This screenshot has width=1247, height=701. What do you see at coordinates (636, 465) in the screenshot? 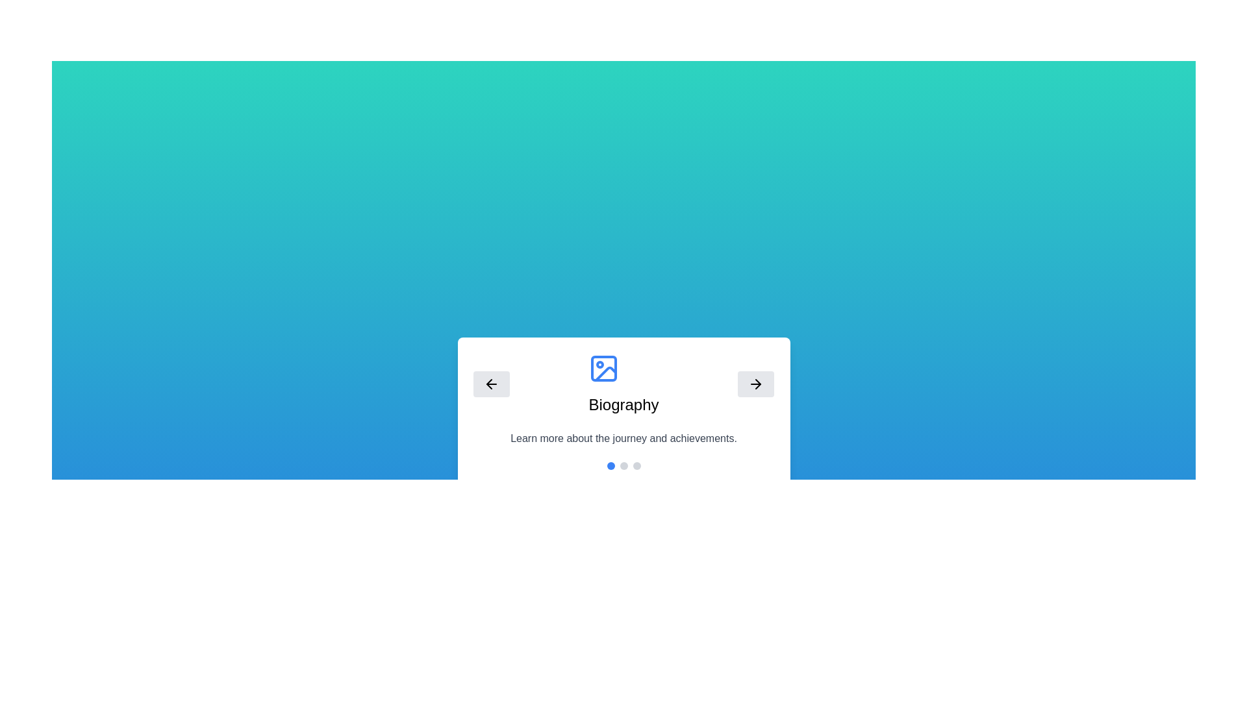
I see `the stage indicator corresponding to 2 to navigate to that stage` at bounding box center [636, 465].